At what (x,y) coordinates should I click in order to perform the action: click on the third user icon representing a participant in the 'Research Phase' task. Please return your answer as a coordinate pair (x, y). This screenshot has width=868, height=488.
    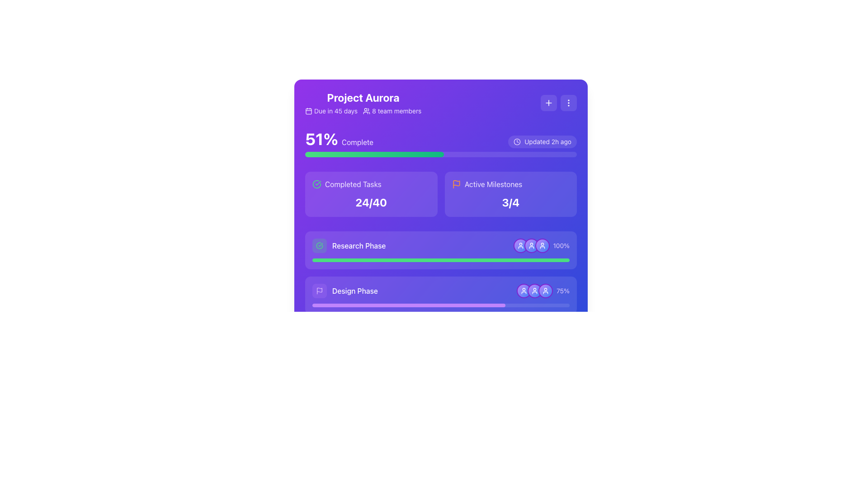
    Looking at the image, I should click on (542, 245).